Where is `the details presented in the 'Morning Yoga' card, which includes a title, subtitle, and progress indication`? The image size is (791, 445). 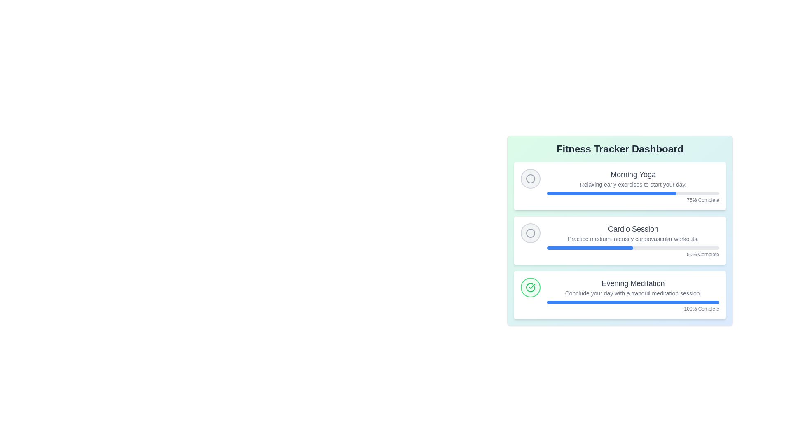 the details presented in the 'Morning Yoga' card, which includes a title, subtitle, and progress indication is located at coordinates (620, 186).